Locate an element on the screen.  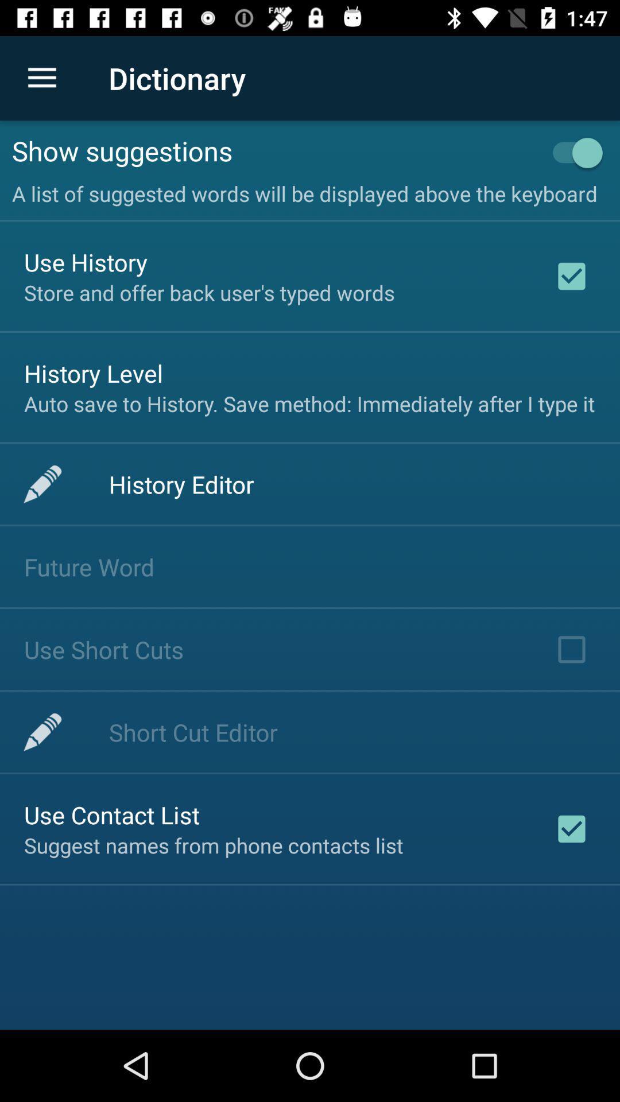
the a list of item is located at coordinates (310, 191).